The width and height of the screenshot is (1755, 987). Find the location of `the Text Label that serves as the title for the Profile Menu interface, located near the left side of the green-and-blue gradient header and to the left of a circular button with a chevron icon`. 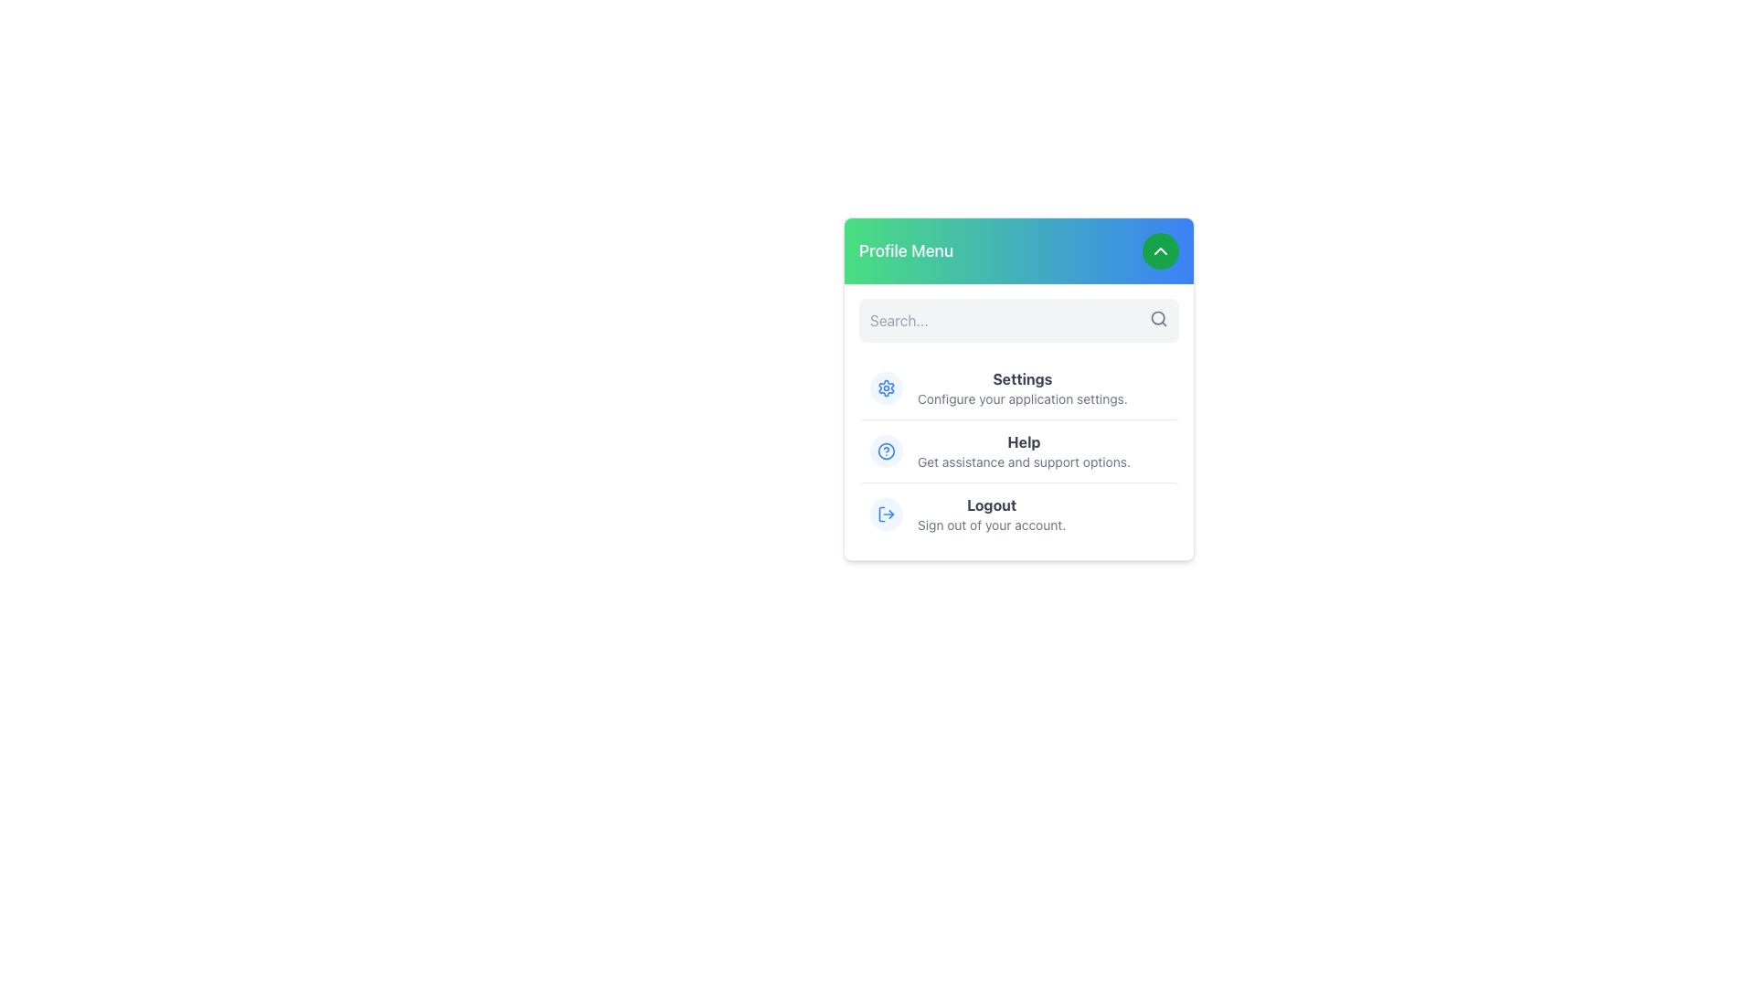

the Text Label that serves as the title for the Profile Menu interface, located near the left side of the green-and-blue gradient header and to the left of a circular button with a chevron icon is located at coordinates (906, 250).